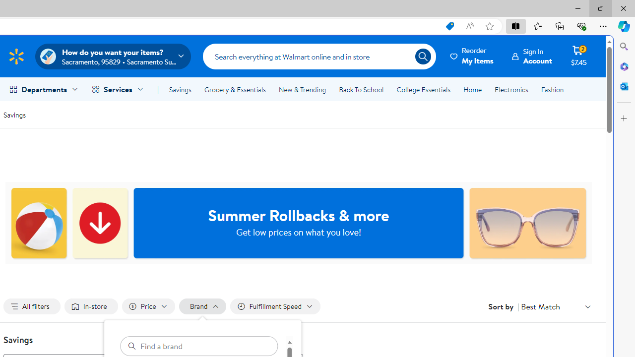 This screenshot has height=357, width=635. I want to click on 'Back To School', so click(361, 90).